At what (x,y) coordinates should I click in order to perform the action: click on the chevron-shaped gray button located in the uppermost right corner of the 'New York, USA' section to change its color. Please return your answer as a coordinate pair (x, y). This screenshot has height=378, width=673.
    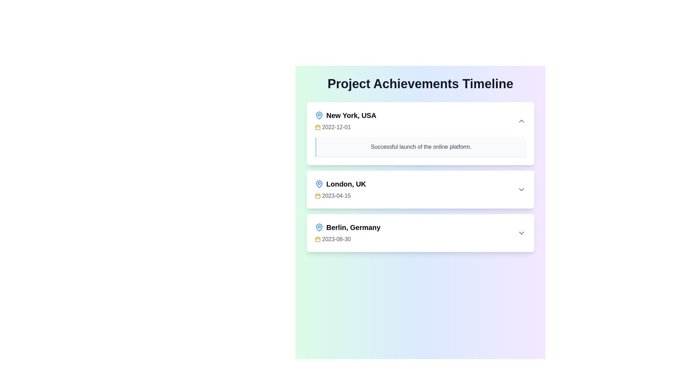
    Looking at the image, I should click on (522, 121).